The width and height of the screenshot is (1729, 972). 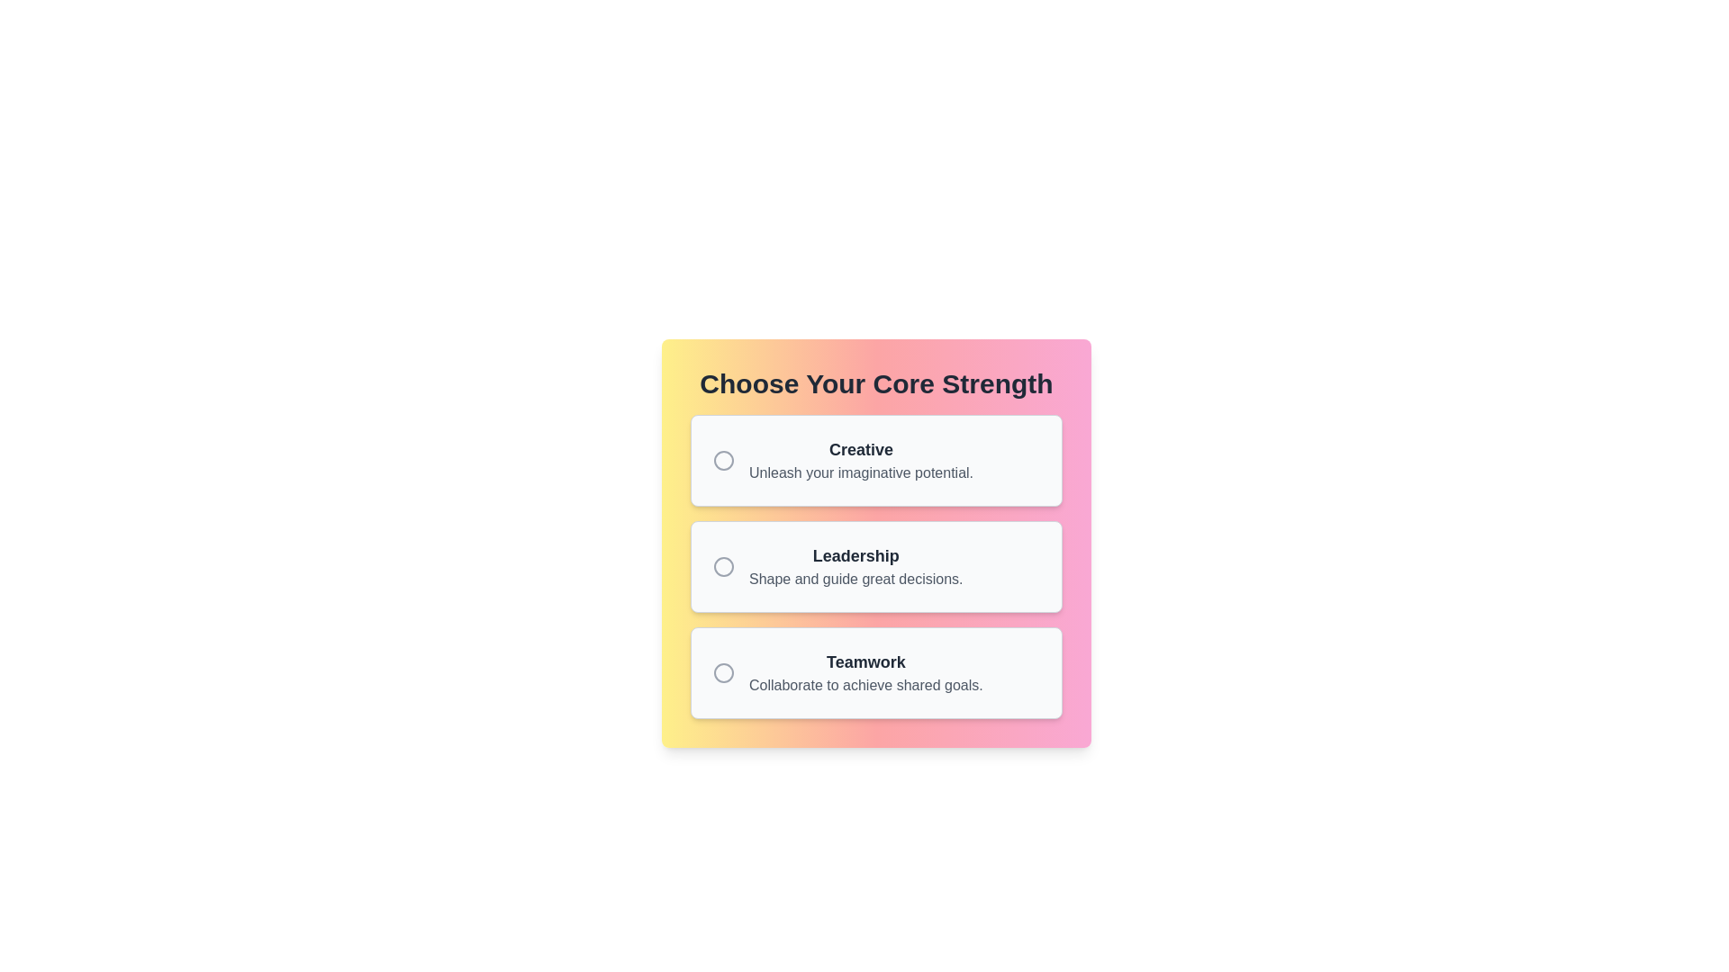 I want to click on text label representing the title and description of the 'Teamwork' option, which is located in the last selectable panel, below 'Leadership' and above the bottom edge of the component, so click(x=865, y=673).